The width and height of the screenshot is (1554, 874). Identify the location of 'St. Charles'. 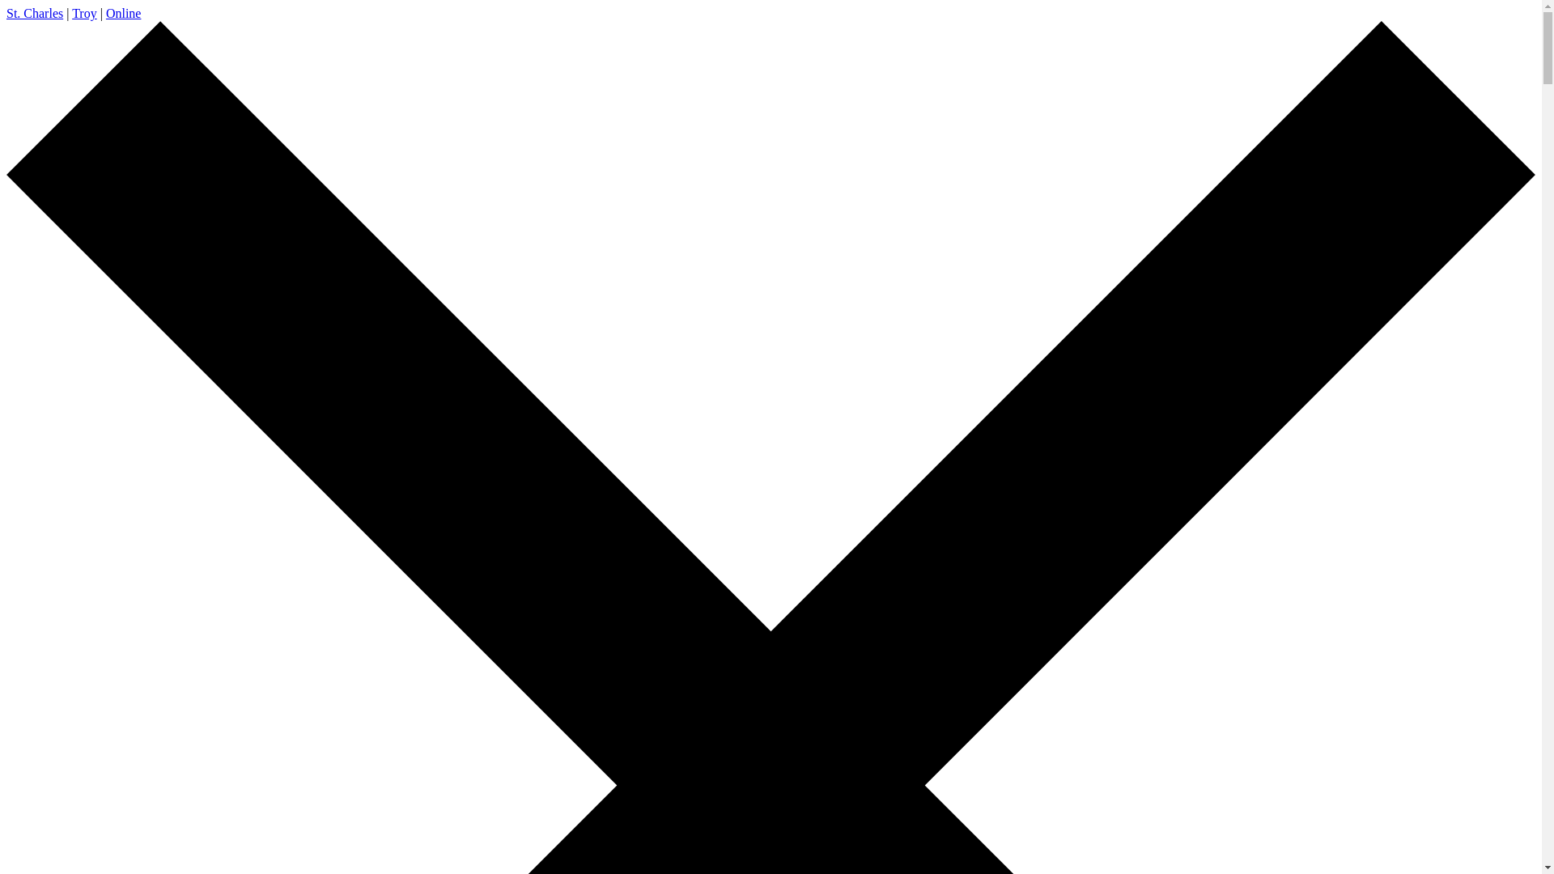
(6, 13).